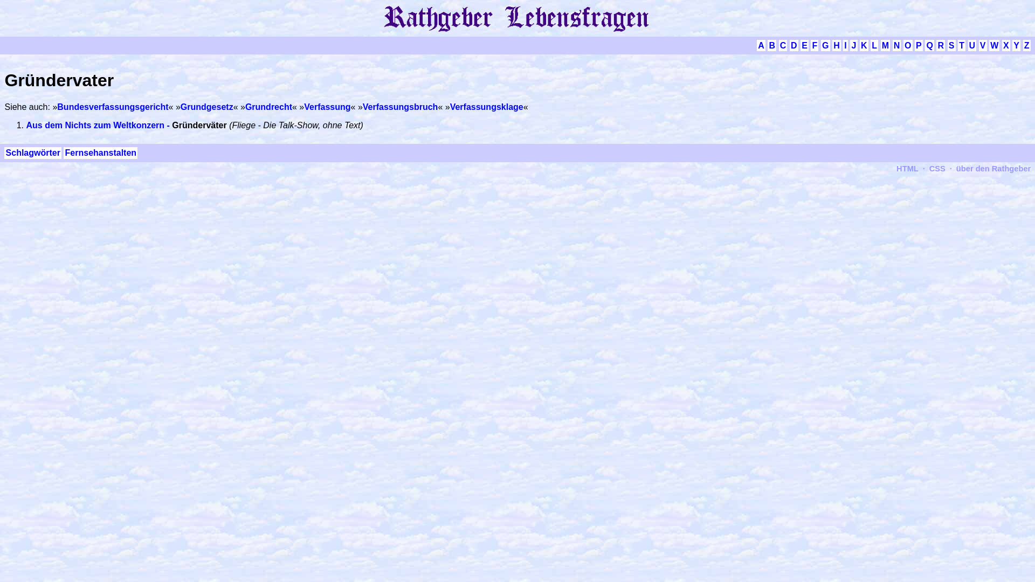 The height and width of the screenshot is (582, 1035). I want to click on 'D', so click(794, 45).